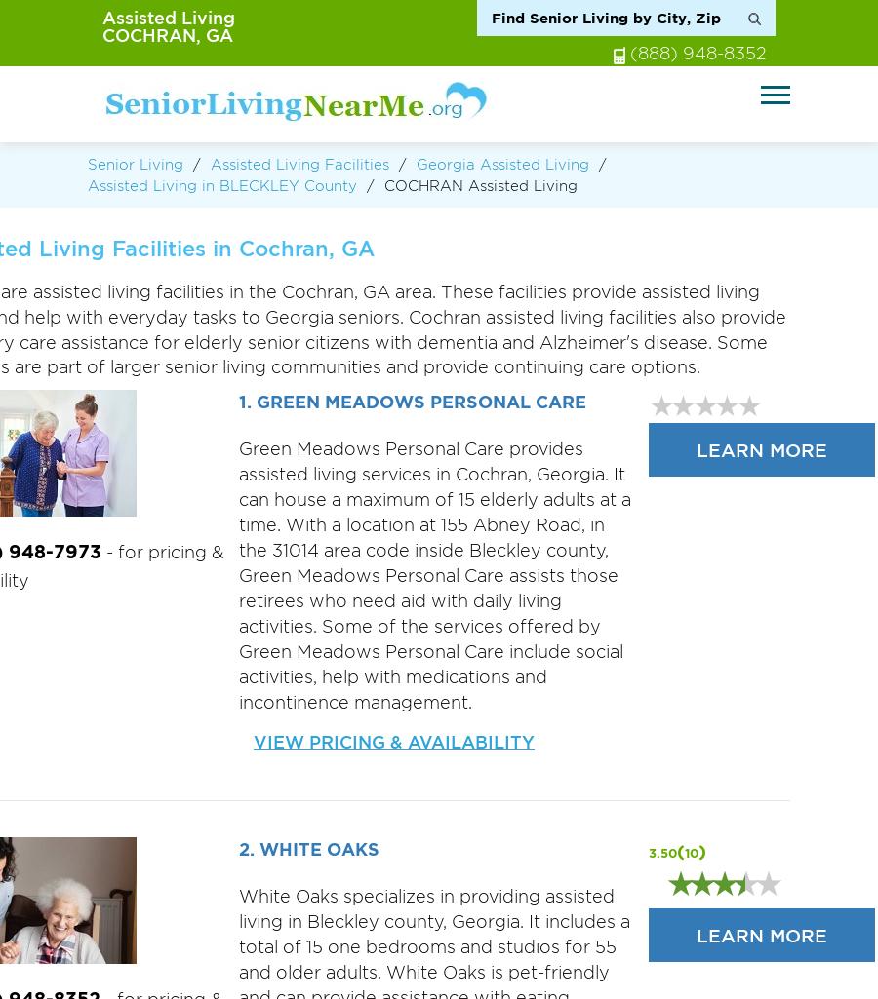 The image size is (878, 999). What do you see at coordinates (257, 849) in the screenshot?
I see `'White Oaks'` at bounding box center [257, 849].